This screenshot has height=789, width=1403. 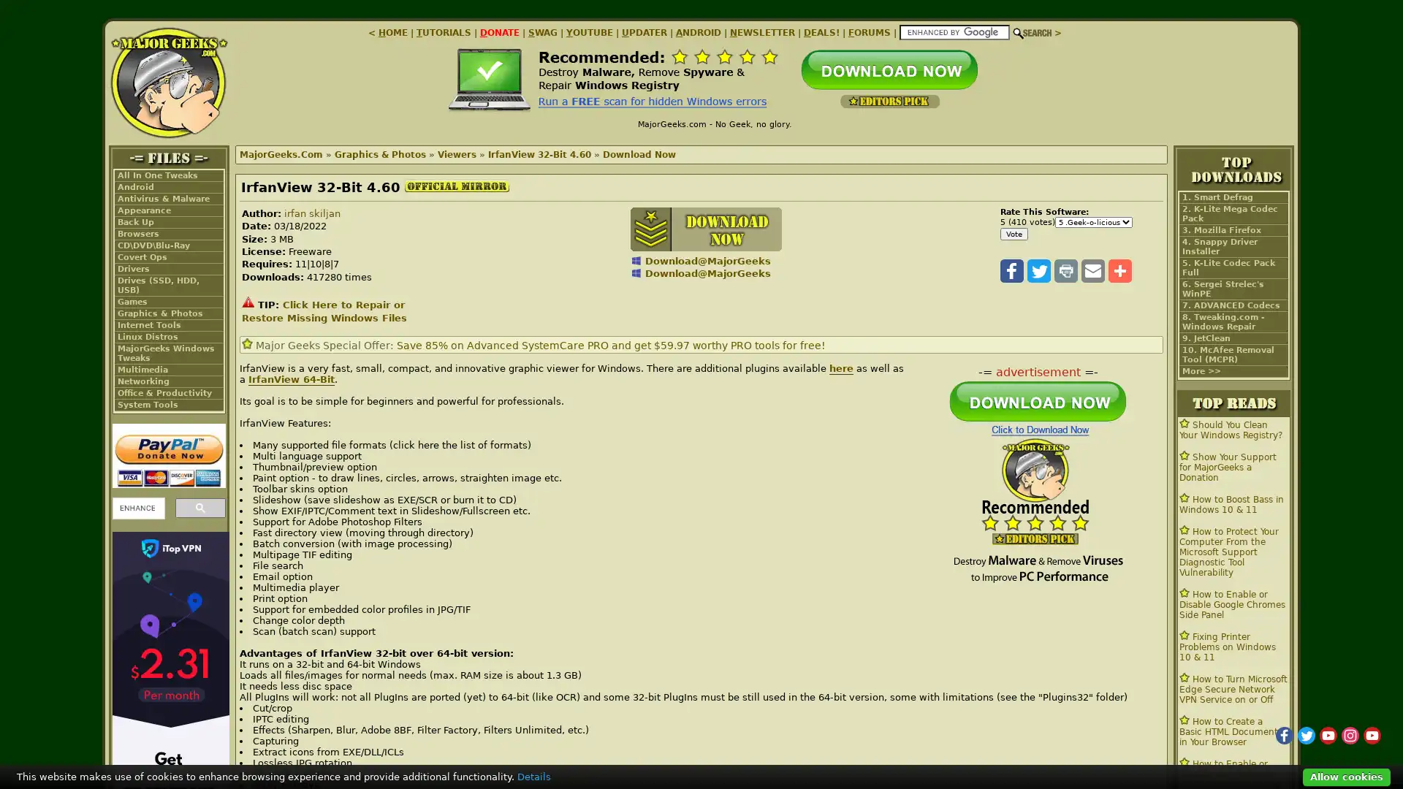 I want to click on Share to Twitter, so click(x=1038, y=270).